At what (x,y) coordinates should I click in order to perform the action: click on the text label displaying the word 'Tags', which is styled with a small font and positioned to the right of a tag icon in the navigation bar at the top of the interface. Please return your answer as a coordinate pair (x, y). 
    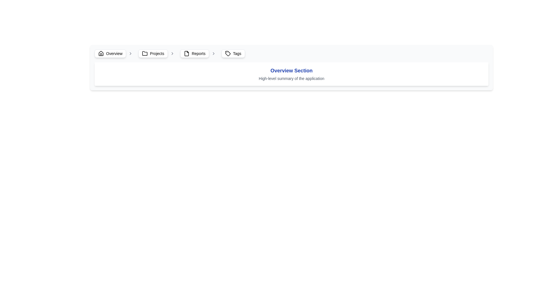
    Looking at the image, I should click on (237, 54).